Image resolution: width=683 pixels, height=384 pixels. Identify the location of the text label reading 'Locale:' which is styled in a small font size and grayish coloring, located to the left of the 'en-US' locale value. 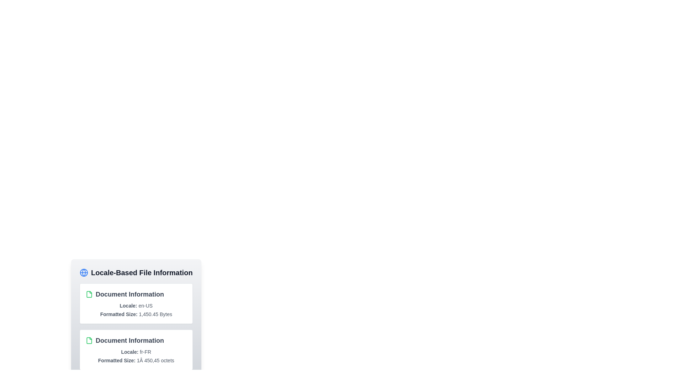
(128, 305).